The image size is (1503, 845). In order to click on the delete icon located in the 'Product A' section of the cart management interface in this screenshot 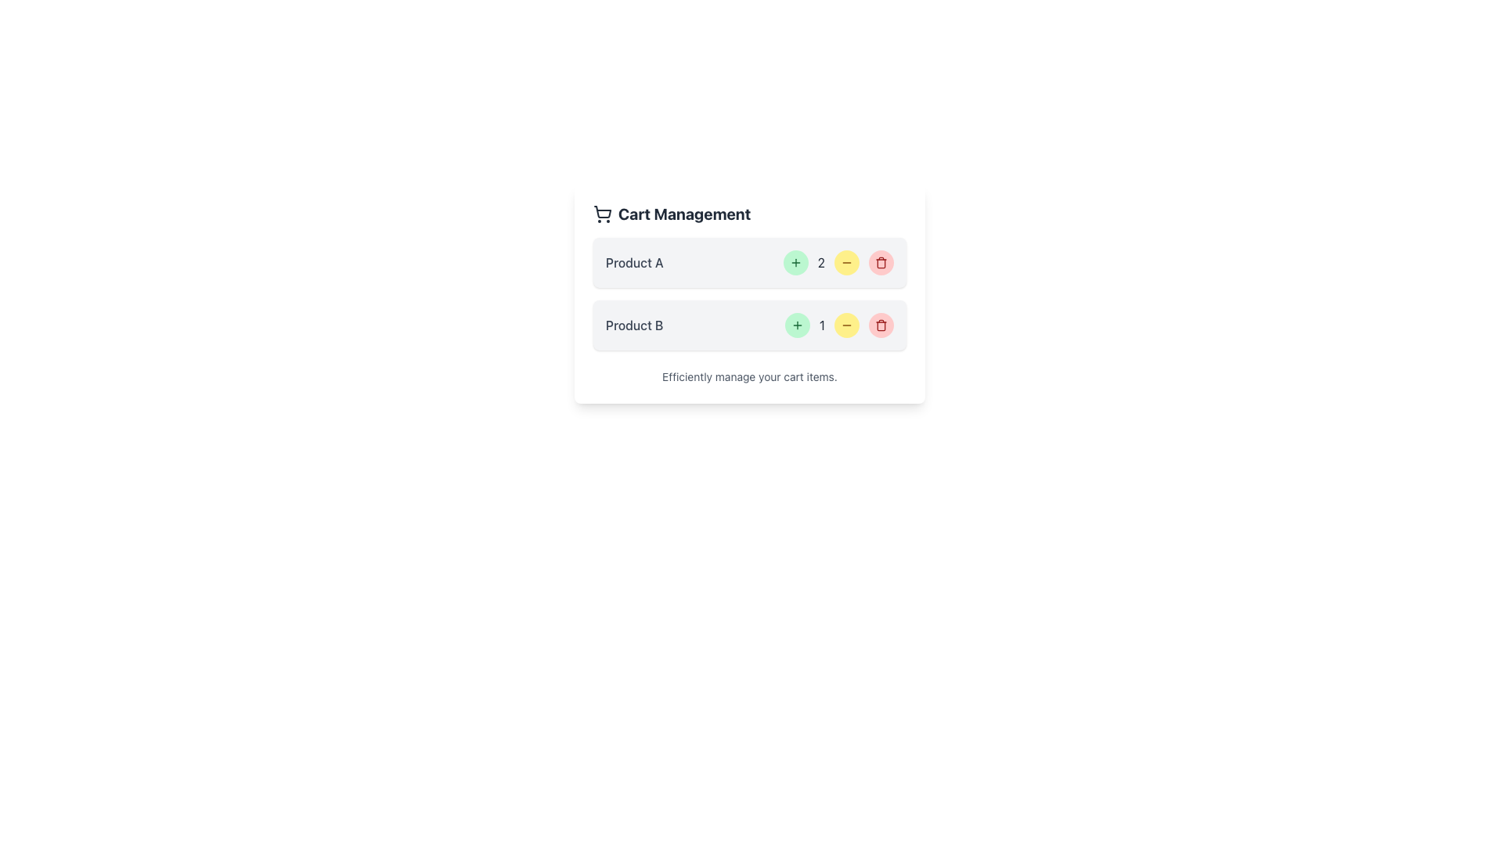, I will do `click(881, 261)`.